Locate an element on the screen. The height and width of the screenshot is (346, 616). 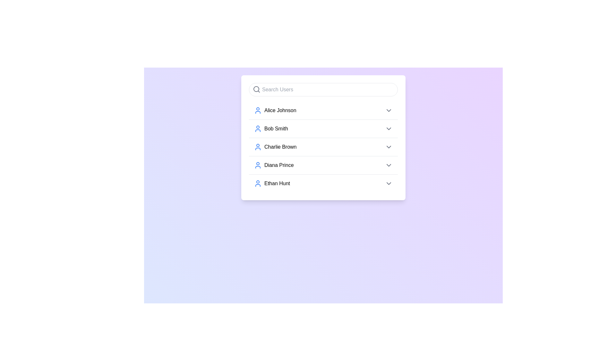
the decorative SVG circle that is part of the search icon, located at the left edge of the search input field in the user list section is located at coordinates (256, 89).